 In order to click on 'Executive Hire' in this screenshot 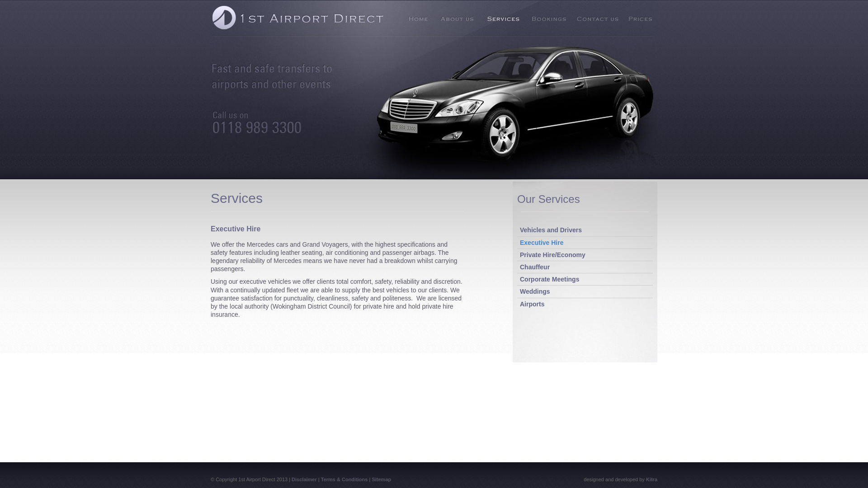, I will do `click(520, 242)`.